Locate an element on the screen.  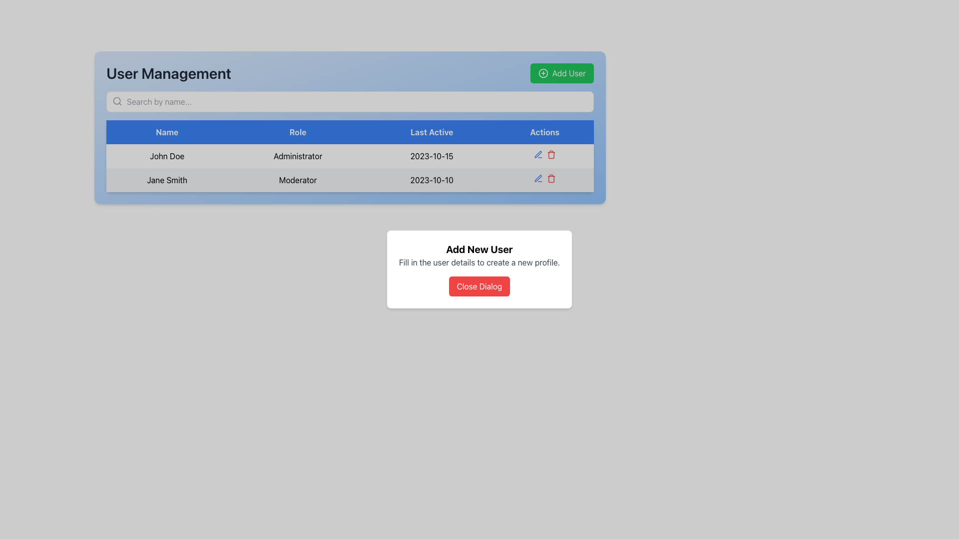
the delete icon in the Actions column for Jane Smith's entry in the table is located at coordinates (544, 180).